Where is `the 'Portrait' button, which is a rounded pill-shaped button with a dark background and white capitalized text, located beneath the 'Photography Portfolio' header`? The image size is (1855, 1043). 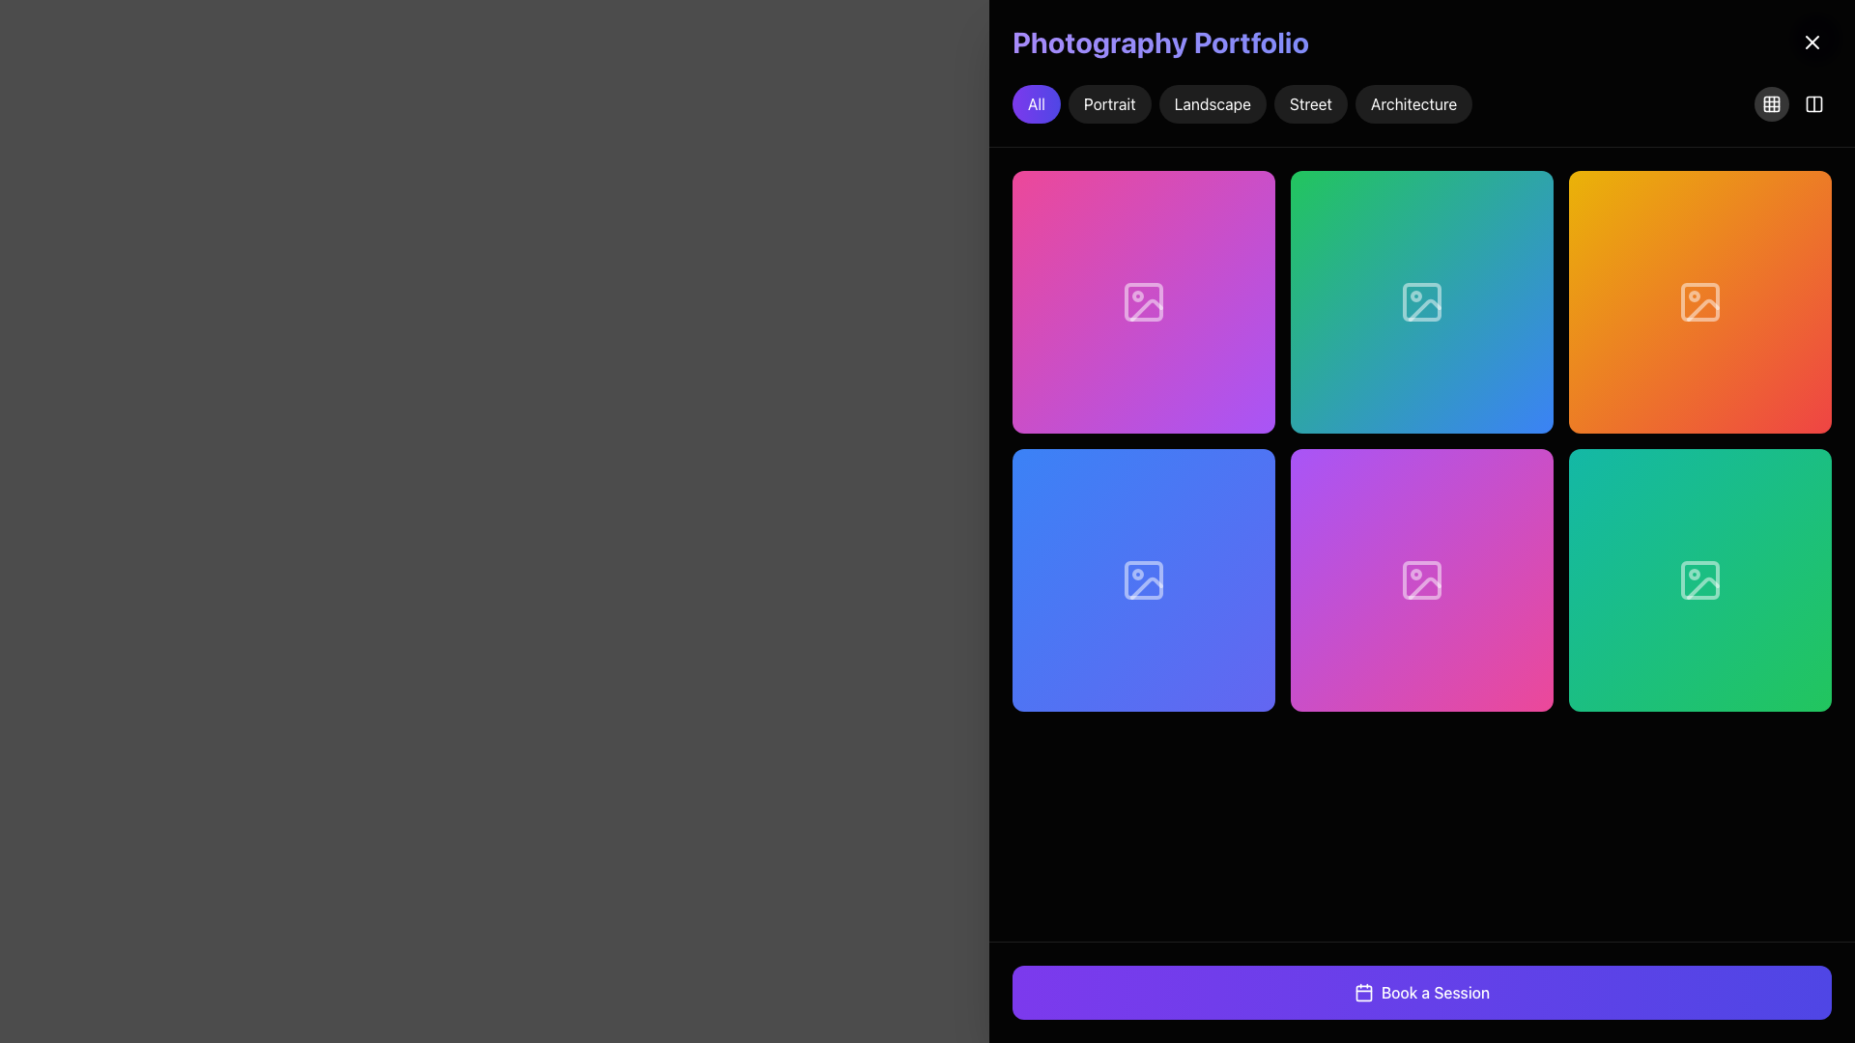
the 'Portrait' button, which is a rounded pill-shaped button with a dark background and white capitalized text, located beneath the 'Photography Portfolio' header is located at coordinates (1109, 104).